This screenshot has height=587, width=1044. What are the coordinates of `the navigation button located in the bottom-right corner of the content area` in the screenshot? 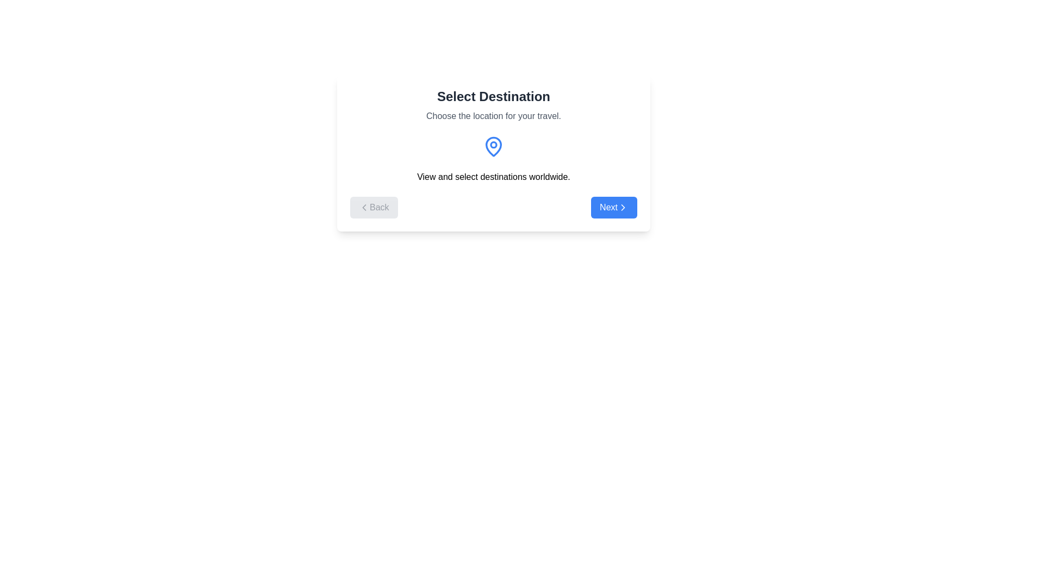 It's located at (614, 207).